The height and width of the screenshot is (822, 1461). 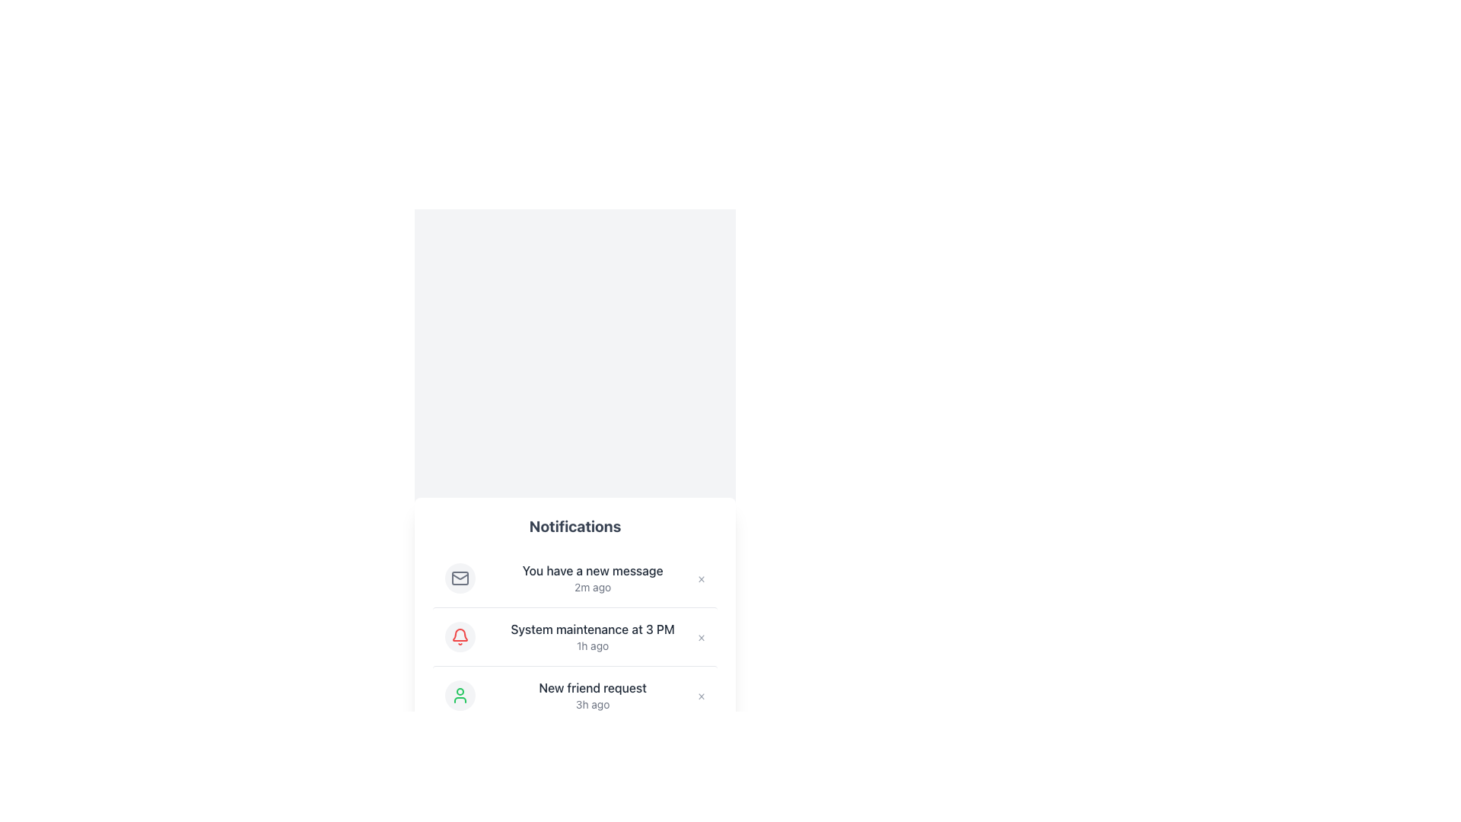 What do you see at coordinates (592, 586) in the screenshot?
I see `the text element displaying '2m ago' which is styled in a smaller, lighter gray font and located immediately below the 'You have a new message' text in the notification section` at bounding box center [592, 586].